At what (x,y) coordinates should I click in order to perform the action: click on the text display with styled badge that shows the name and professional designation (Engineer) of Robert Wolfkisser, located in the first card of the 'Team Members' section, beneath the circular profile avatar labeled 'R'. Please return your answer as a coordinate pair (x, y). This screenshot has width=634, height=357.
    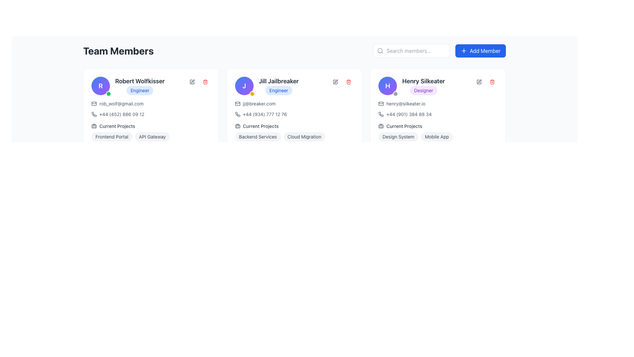
    Looking at the image, I should click on (139, 85).